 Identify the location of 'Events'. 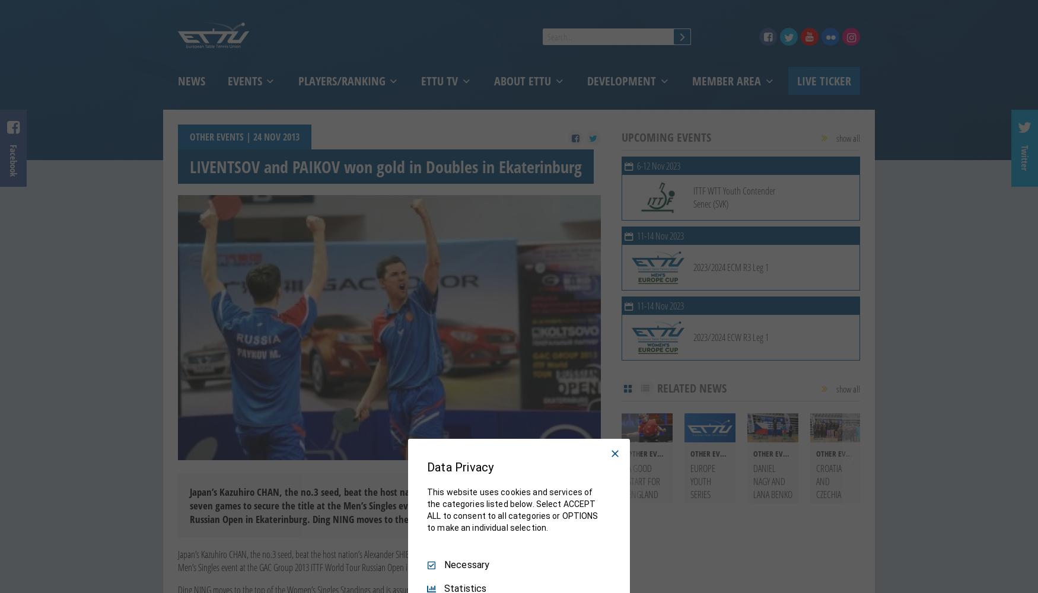
(245, 81).